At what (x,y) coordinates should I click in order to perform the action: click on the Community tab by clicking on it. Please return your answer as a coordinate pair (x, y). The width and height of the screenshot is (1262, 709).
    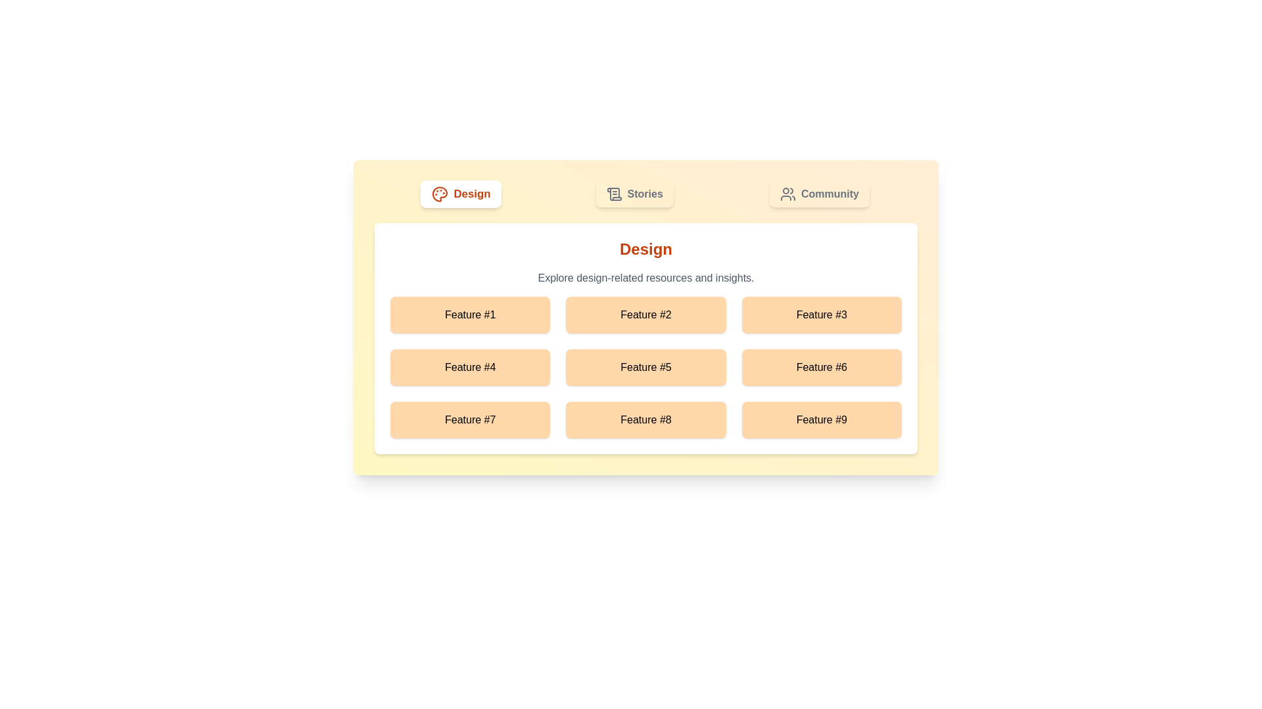
    Looking at the image, I should click on (818, 194).